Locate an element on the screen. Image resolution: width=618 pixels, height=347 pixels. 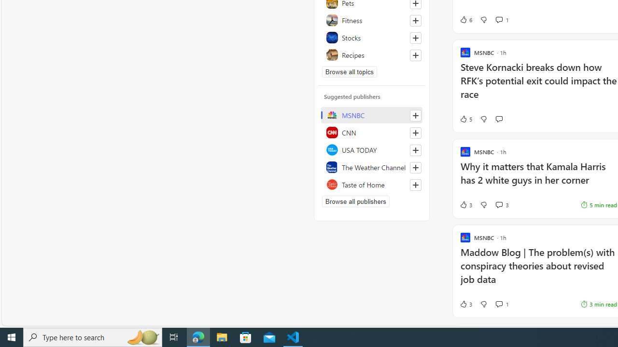
'Recipes' is located at coordinates (371, 55).